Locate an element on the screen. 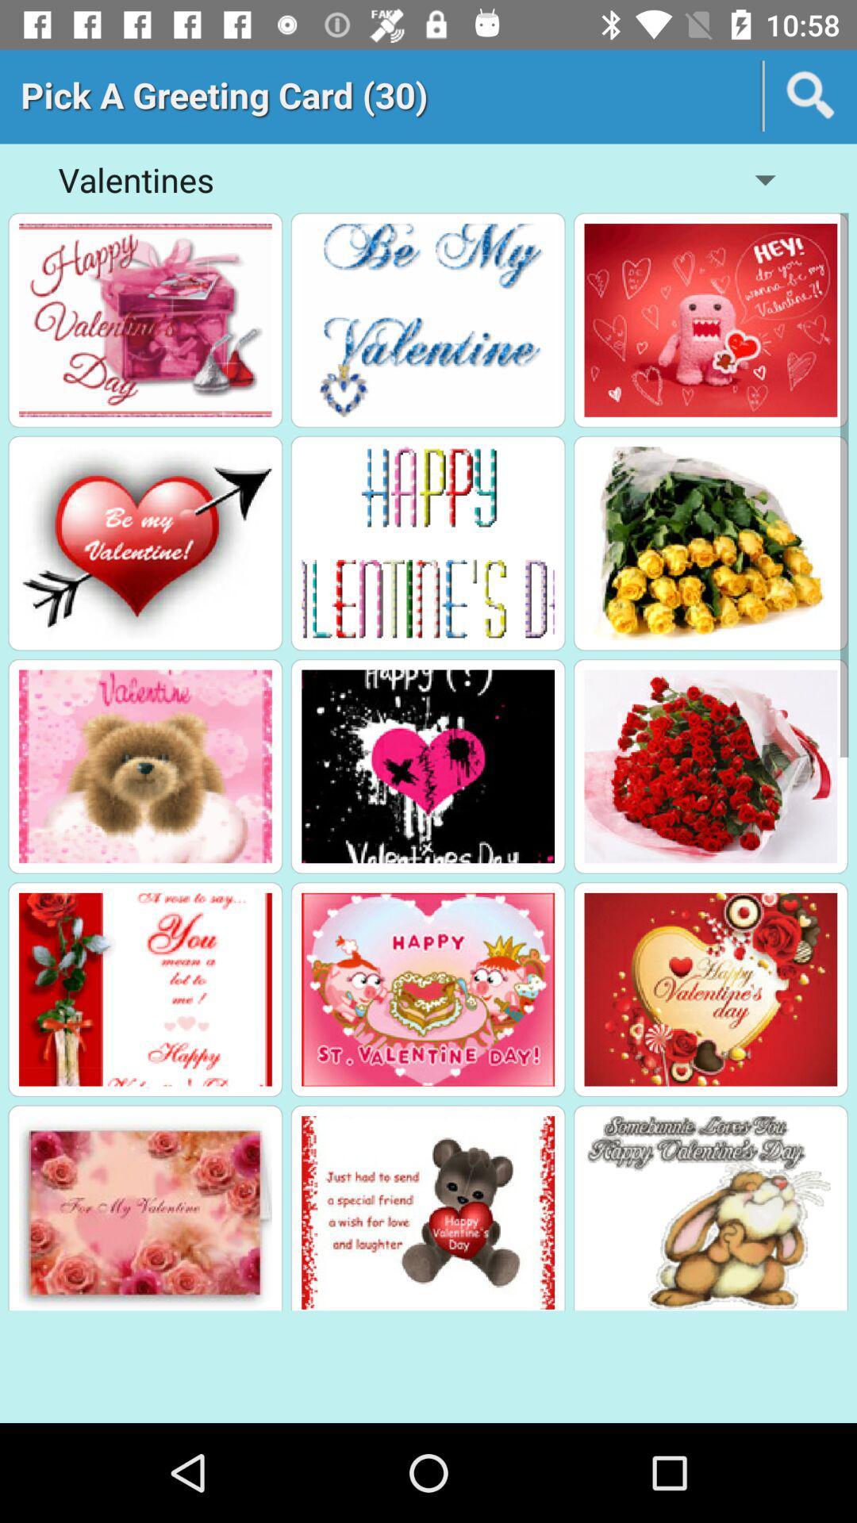 The image size is (857, 1523). card preview is located at coordinates (427, 1211).